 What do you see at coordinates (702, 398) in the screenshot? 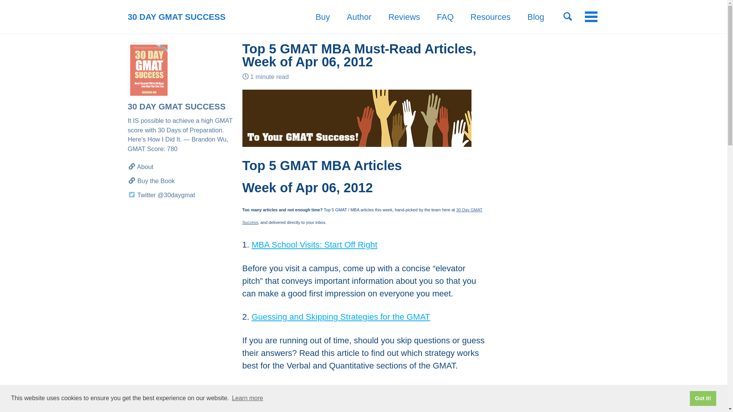
I see `'Got it!'` at bounding box center [702, 398].